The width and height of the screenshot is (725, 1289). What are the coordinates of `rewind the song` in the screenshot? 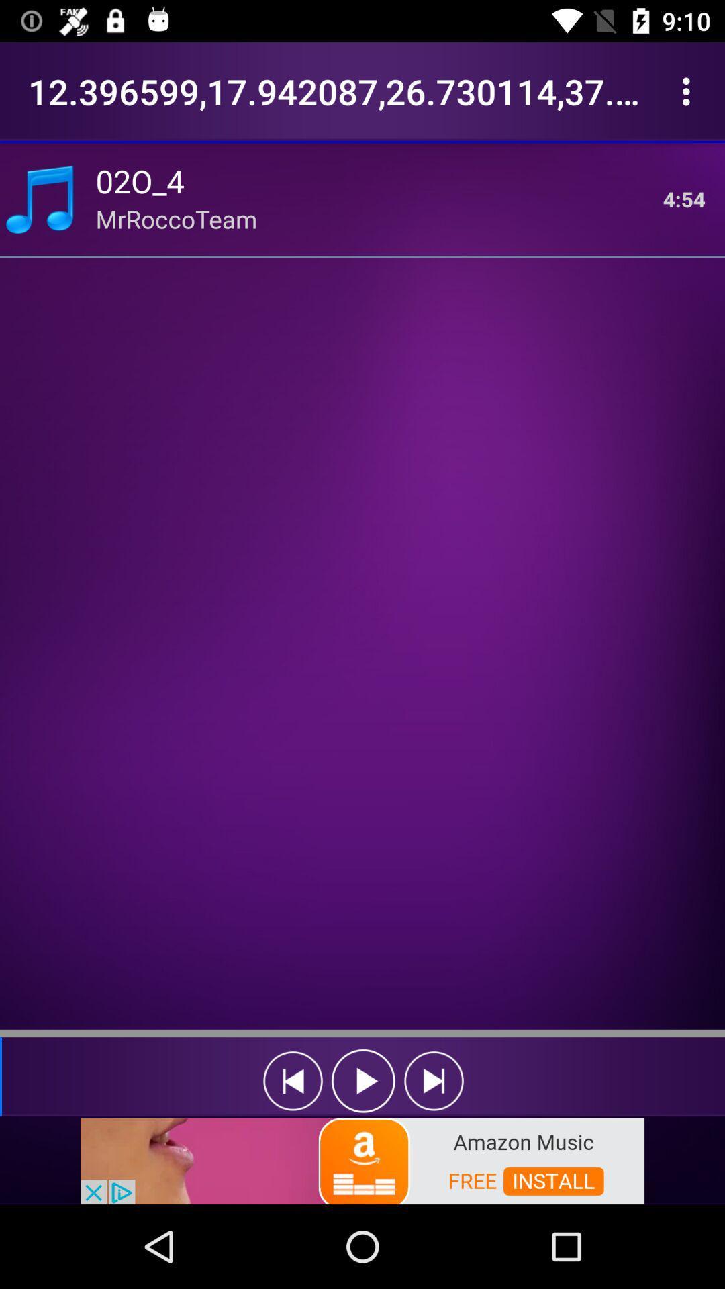 It's located at (292, 1081).